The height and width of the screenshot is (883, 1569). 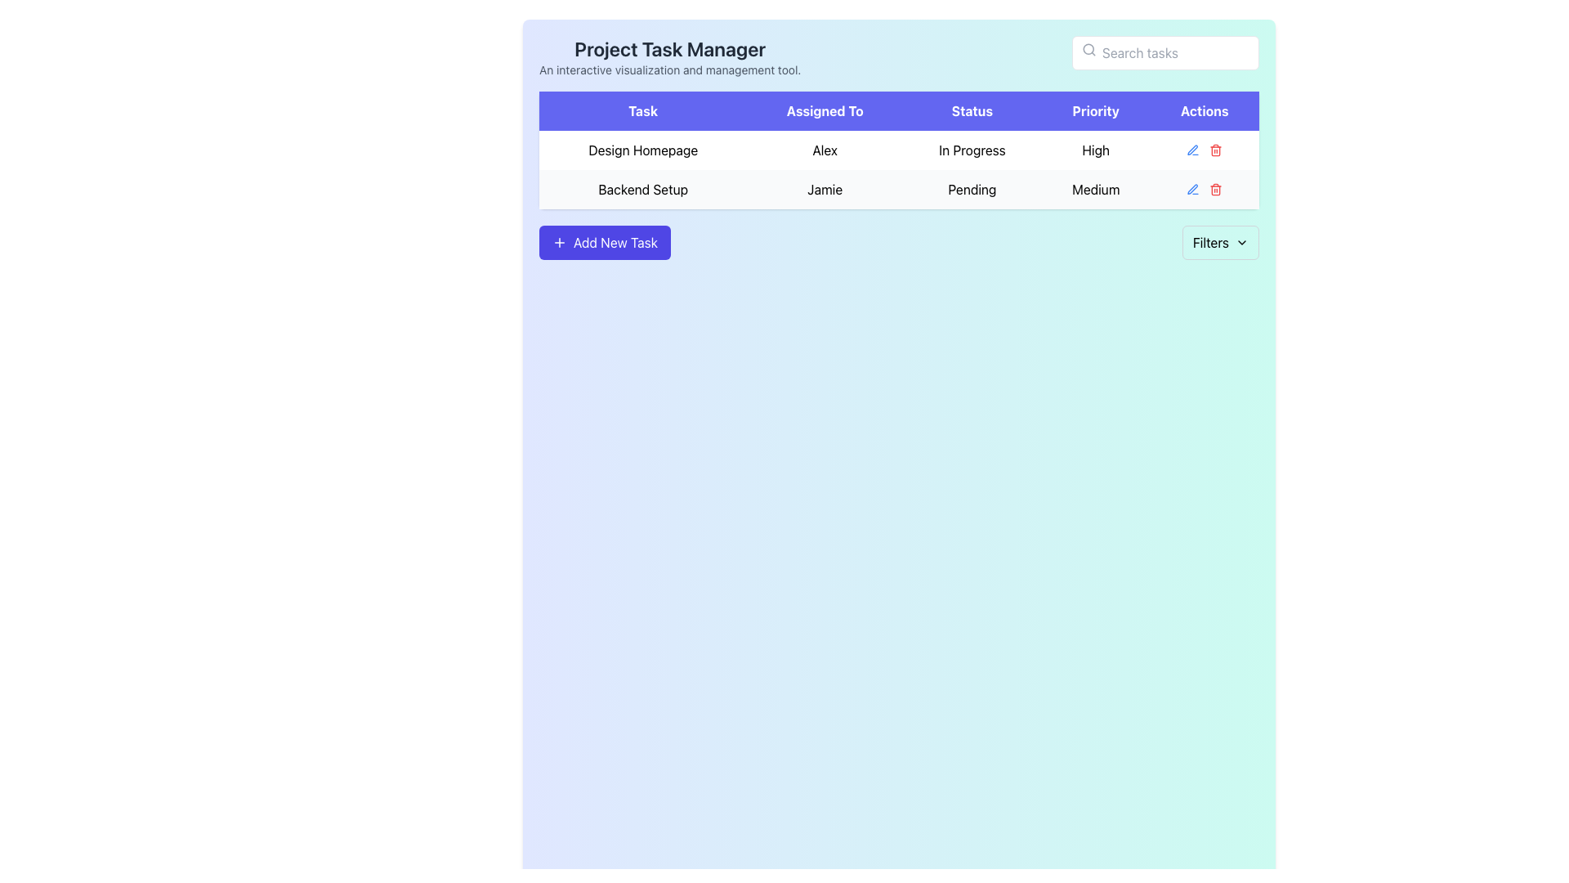 What do you see at coordinates (670, 48) in the screenshot?
I see `the static text label that serves as the header or title of the application interface, located near the top-left corner above the descriptive text` at bounding box center [670, 48].